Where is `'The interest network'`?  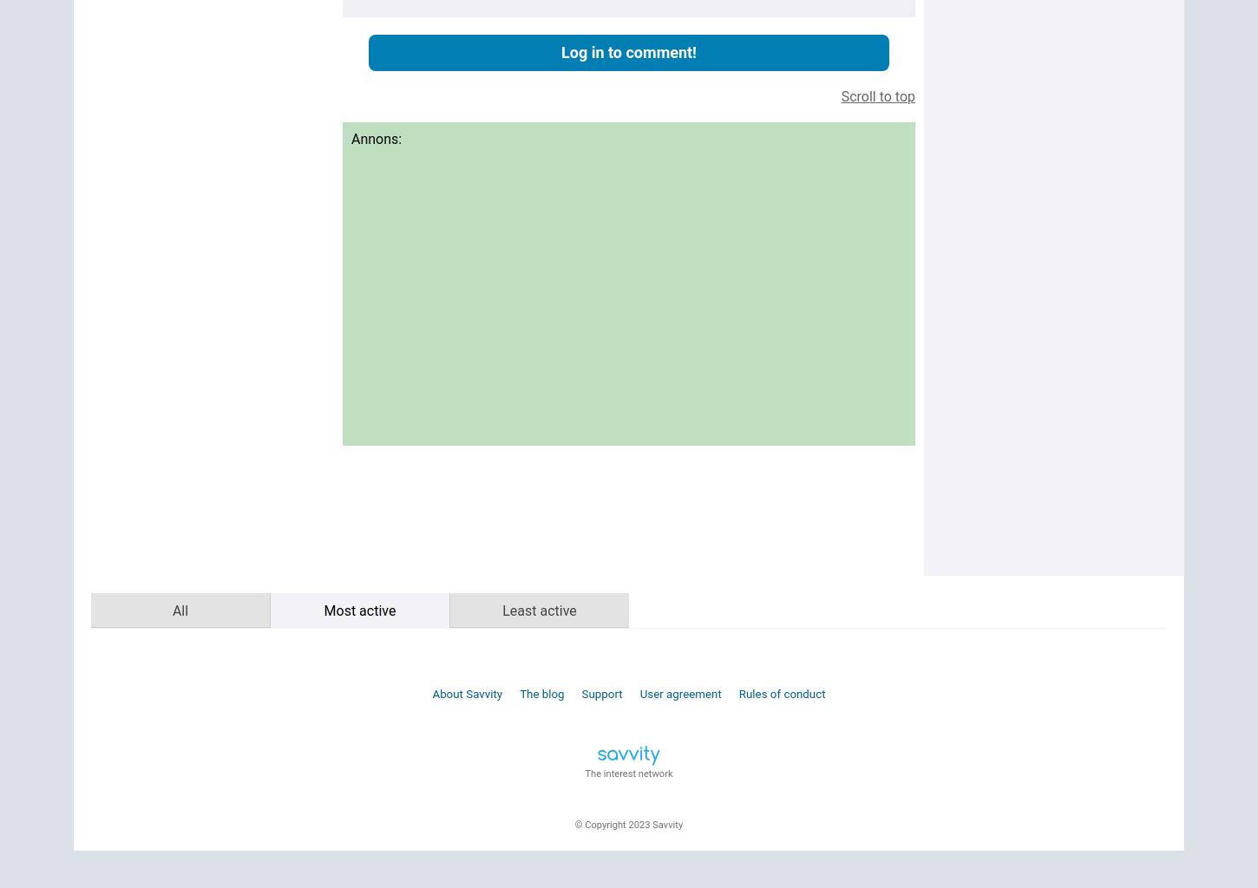
'The interest network' is located at coordinates (583, 773).